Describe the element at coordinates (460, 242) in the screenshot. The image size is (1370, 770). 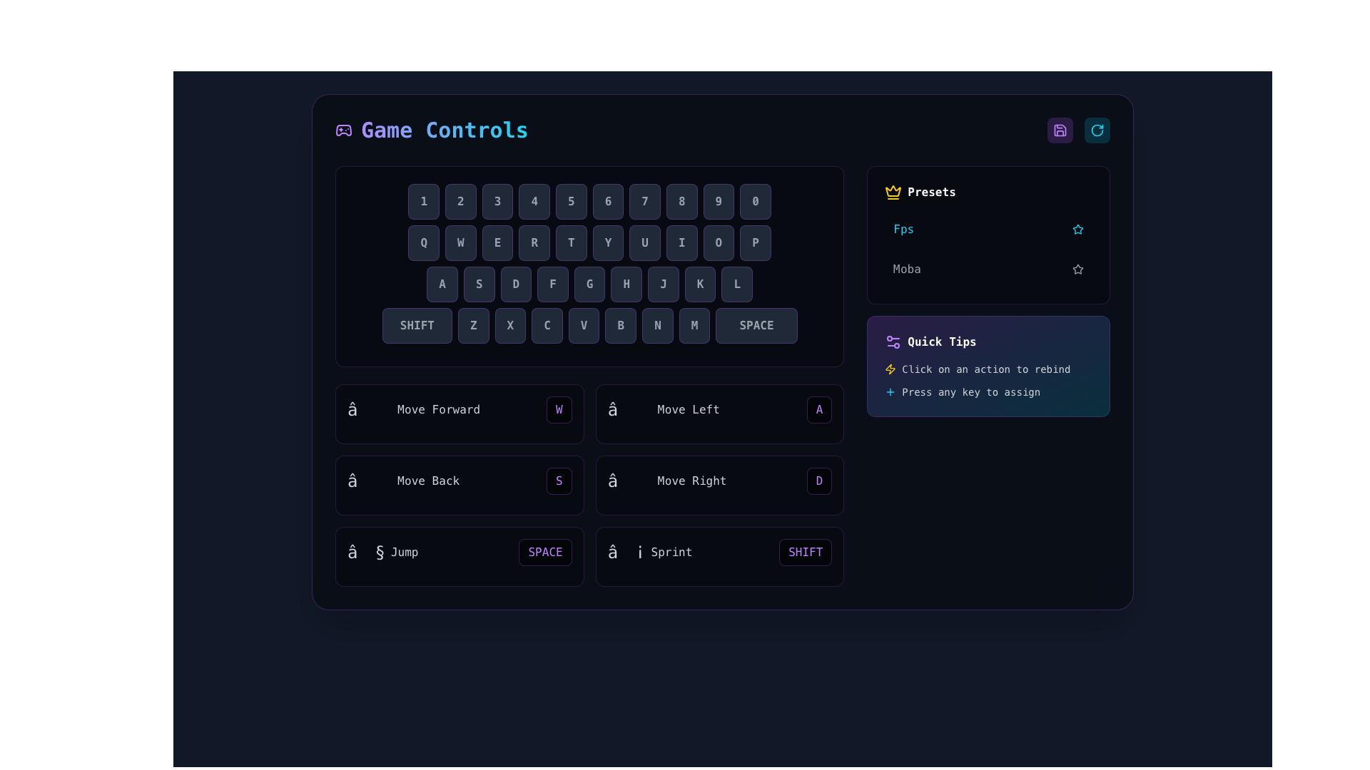
I see `the square button with rounded edges displaying the letter 'W' to simulate the 'W' keypress` at that location.